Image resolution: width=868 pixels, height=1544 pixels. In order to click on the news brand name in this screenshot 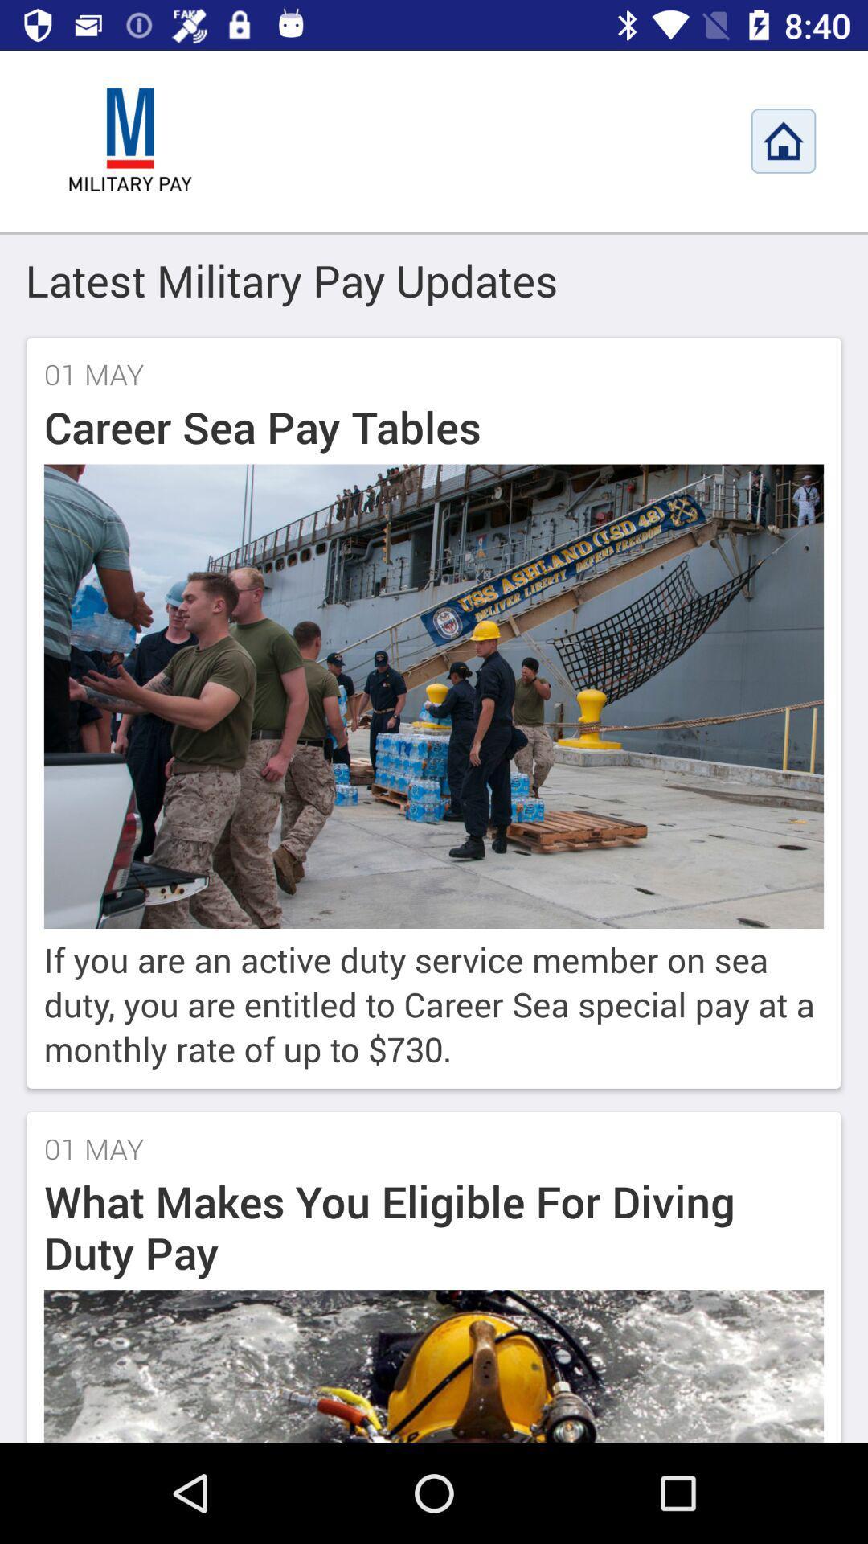, I will do `click(129, 141)`.